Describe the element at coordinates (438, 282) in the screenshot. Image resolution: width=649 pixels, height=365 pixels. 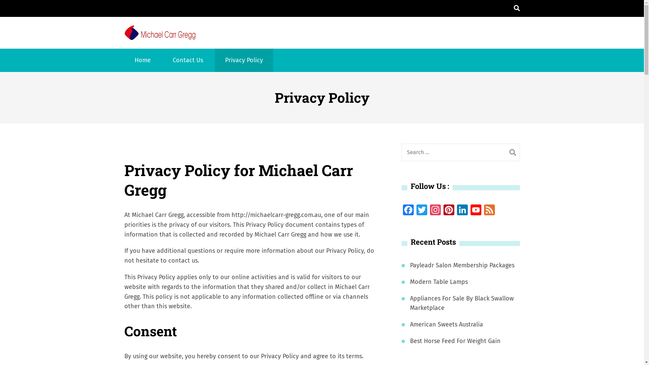
I see `'Modern Table Lamps'` at that location.